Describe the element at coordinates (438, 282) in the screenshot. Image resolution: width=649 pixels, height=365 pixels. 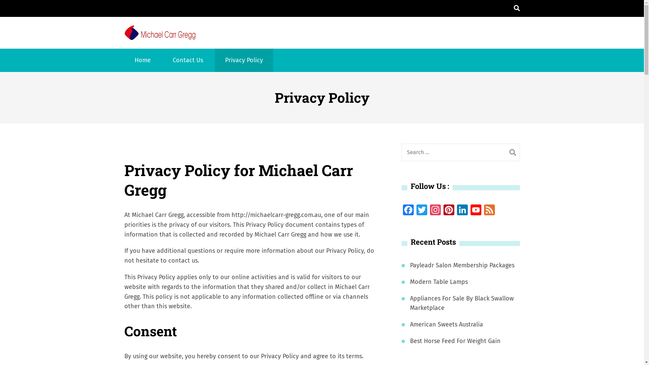
I see `'Modern Table Lamps'` at that location.